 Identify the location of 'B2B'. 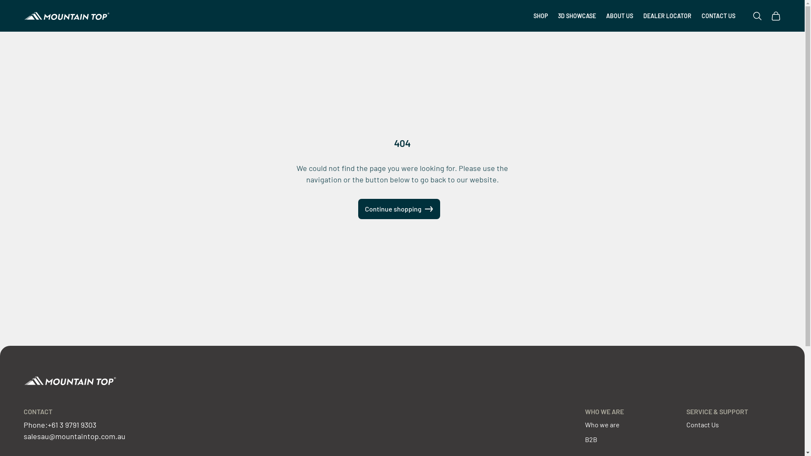
(585, 439).